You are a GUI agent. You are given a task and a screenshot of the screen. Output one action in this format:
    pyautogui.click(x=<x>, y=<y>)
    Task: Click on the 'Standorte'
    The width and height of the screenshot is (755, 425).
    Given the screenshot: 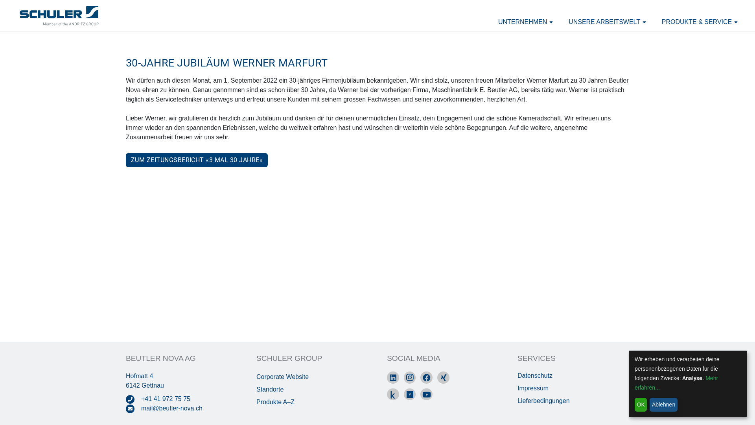 What is the action you would take?
    pyautogui.click(x=270, y=389)
    